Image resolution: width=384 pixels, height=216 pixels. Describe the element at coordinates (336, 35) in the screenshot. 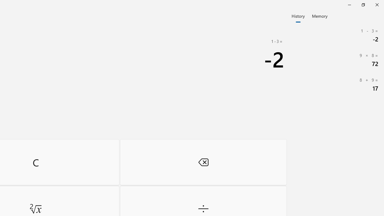

I see `'1 Minus ( 3= Minus (2'` at that location.